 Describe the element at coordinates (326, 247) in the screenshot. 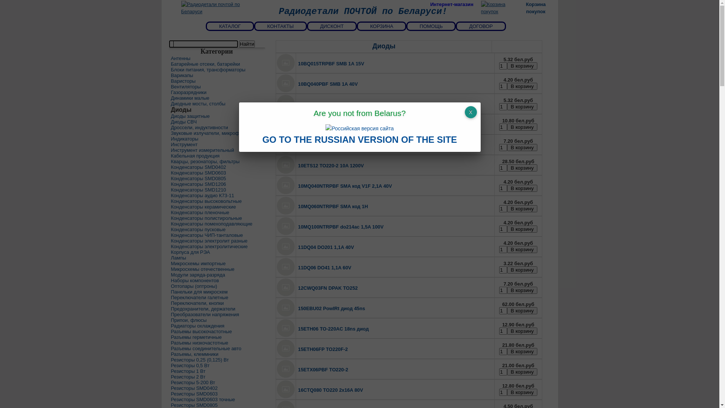

I see `'11DQ04 DO201 1,1A 40V'` at that location.